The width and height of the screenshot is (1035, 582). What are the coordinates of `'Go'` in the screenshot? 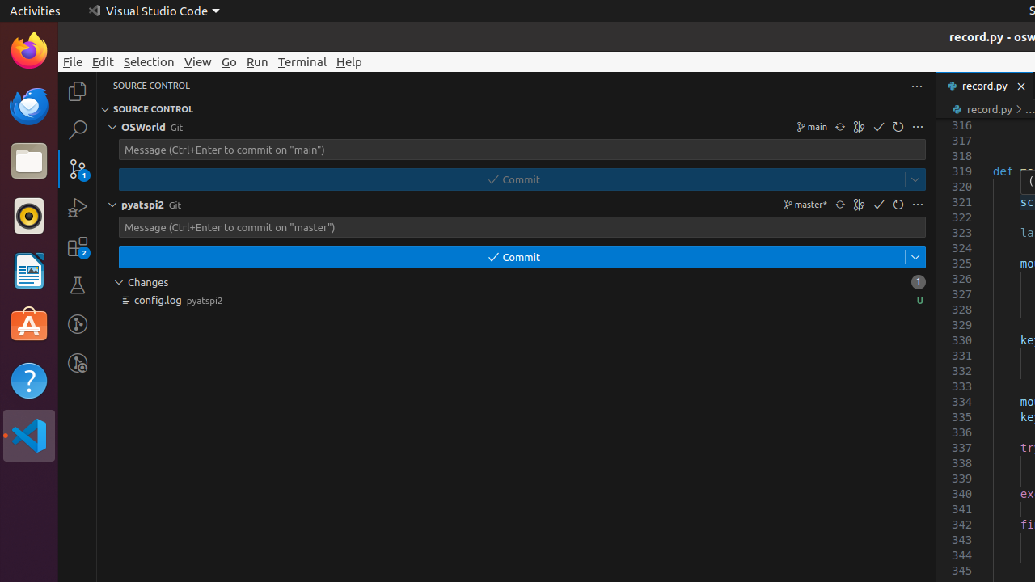 It's located at (228, 61).